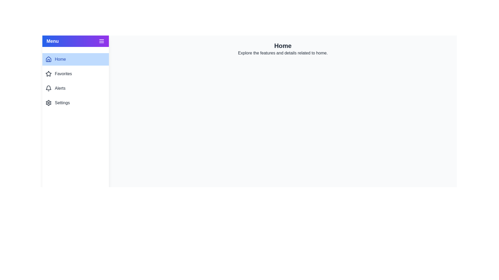 This screenshot has width=499, height=280. Describe the element at coordinates (75, 74) in the screenshot. I see `the 'Favorites' menu item located in the vertical menu list on the left sidebar, positioned below 'Home' and above 'Alerts'` at that location.